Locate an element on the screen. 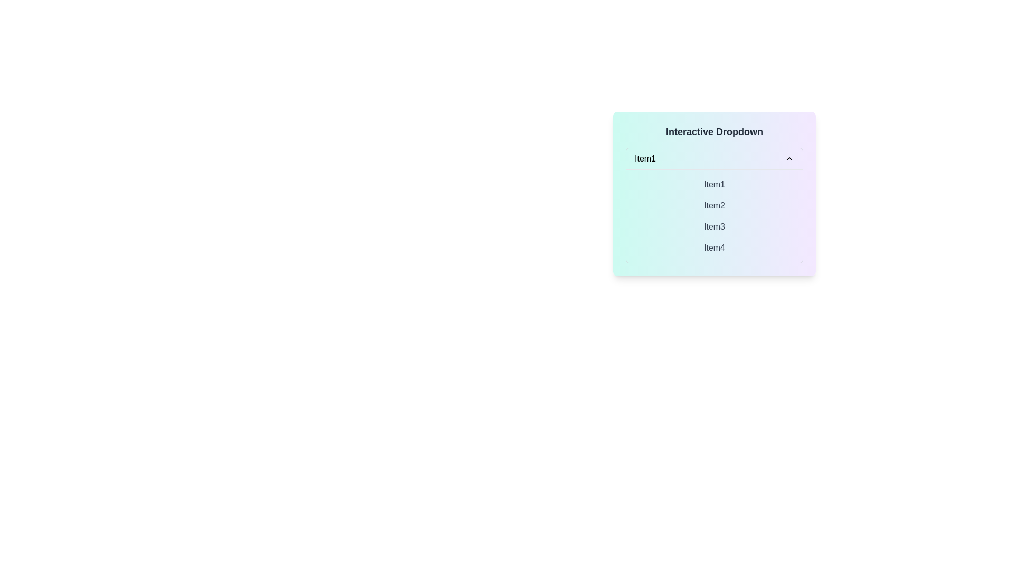 The width and height of the screenshot is (1014, 570). the selectable list item labeled 'Item3', which is the third item in a vertical list of four items is located at coordinates (715, 226).